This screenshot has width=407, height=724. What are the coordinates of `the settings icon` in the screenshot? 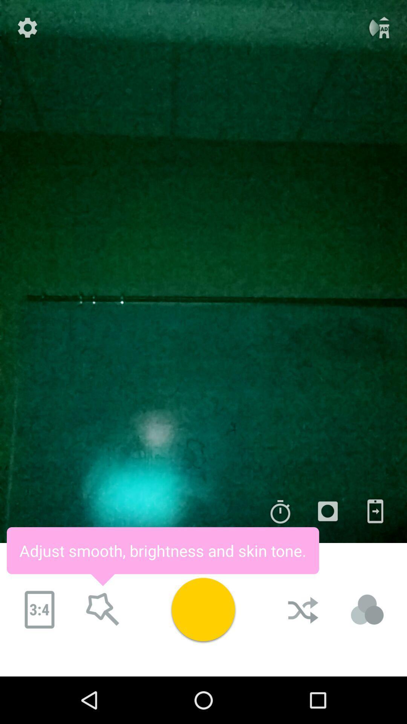 It's located at (27, 28).